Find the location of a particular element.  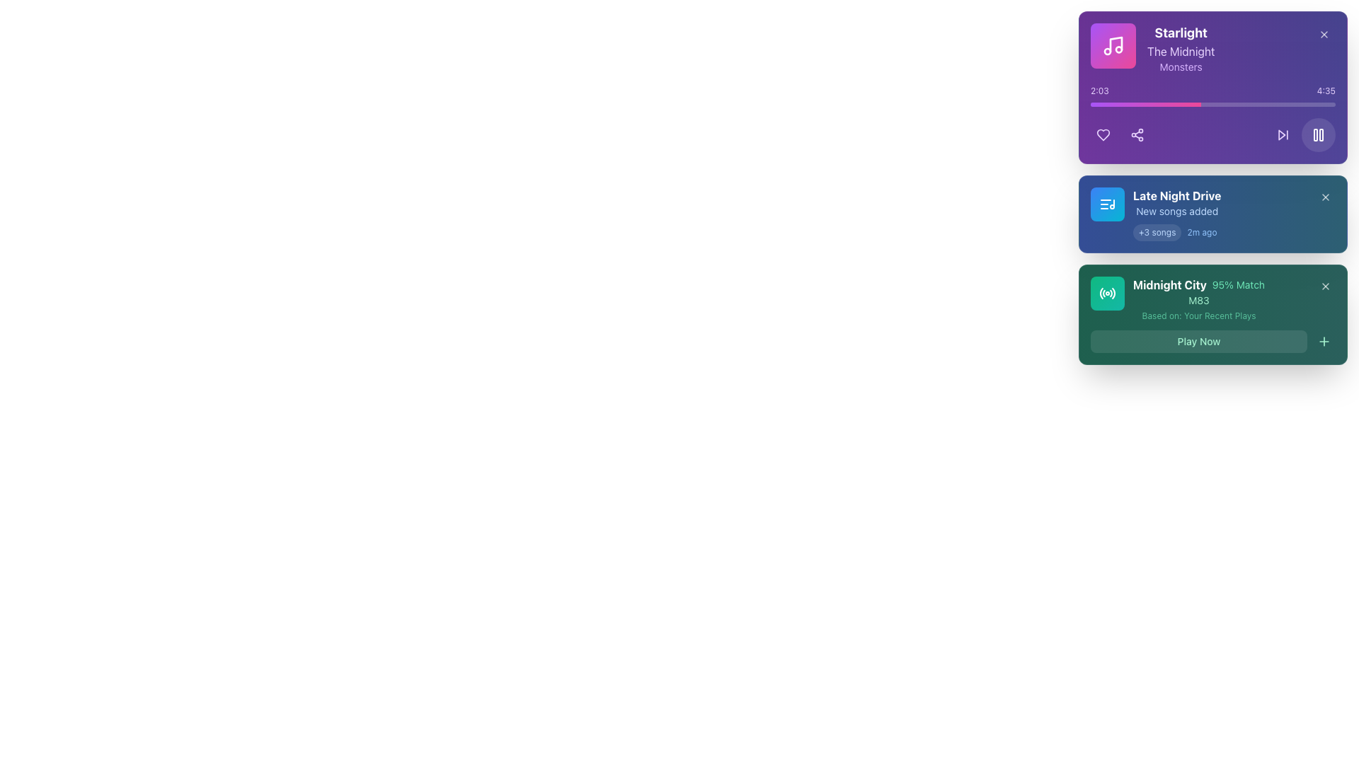

the content of the text label with title 'Midnight City' and additional information '95% Match' located in the top section of the third card is located at coordinates (1198, 284).